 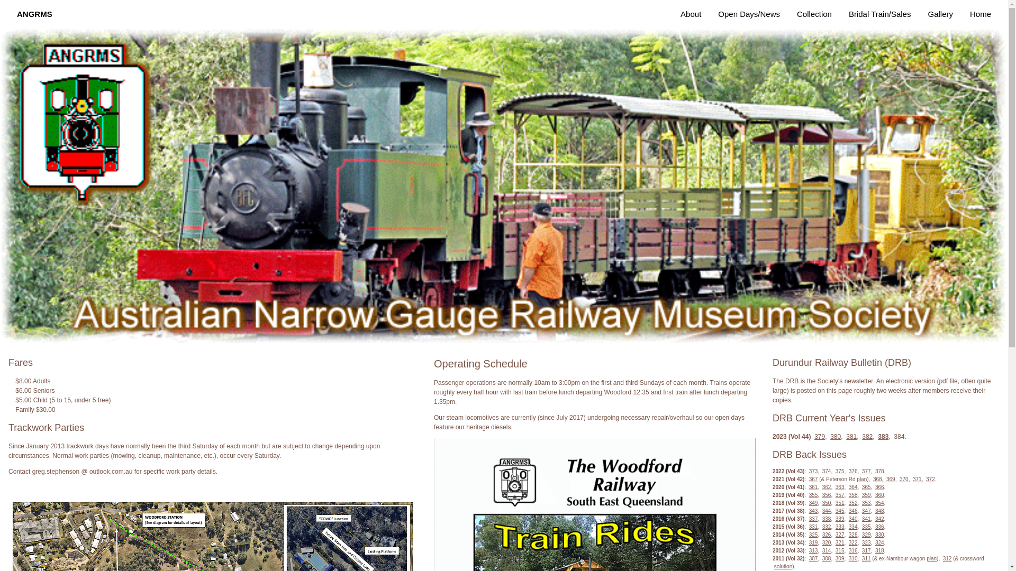 What do you see at coordinates (826, 535) in the screenshot?
I see `'326'` at bounding box center [826, 535].